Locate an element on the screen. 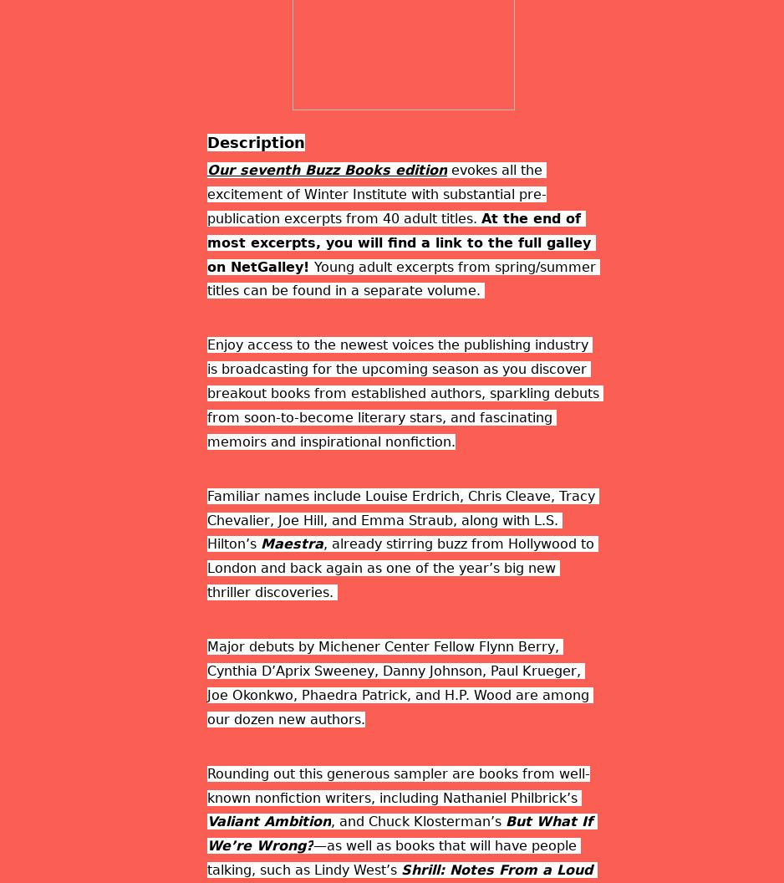  'Rounding out this generous sampler are books from well-known nonfiction writers, including Nathaniel Philbrick’s' is located at coordinates (398, 784).